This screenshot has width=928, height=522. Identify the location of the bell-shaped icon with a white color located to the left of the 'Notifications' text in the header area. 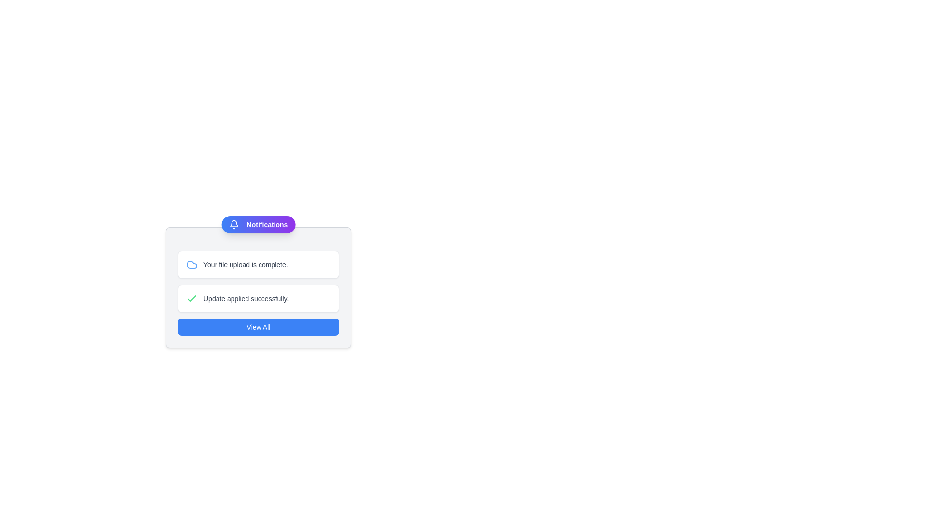
(234, 225).